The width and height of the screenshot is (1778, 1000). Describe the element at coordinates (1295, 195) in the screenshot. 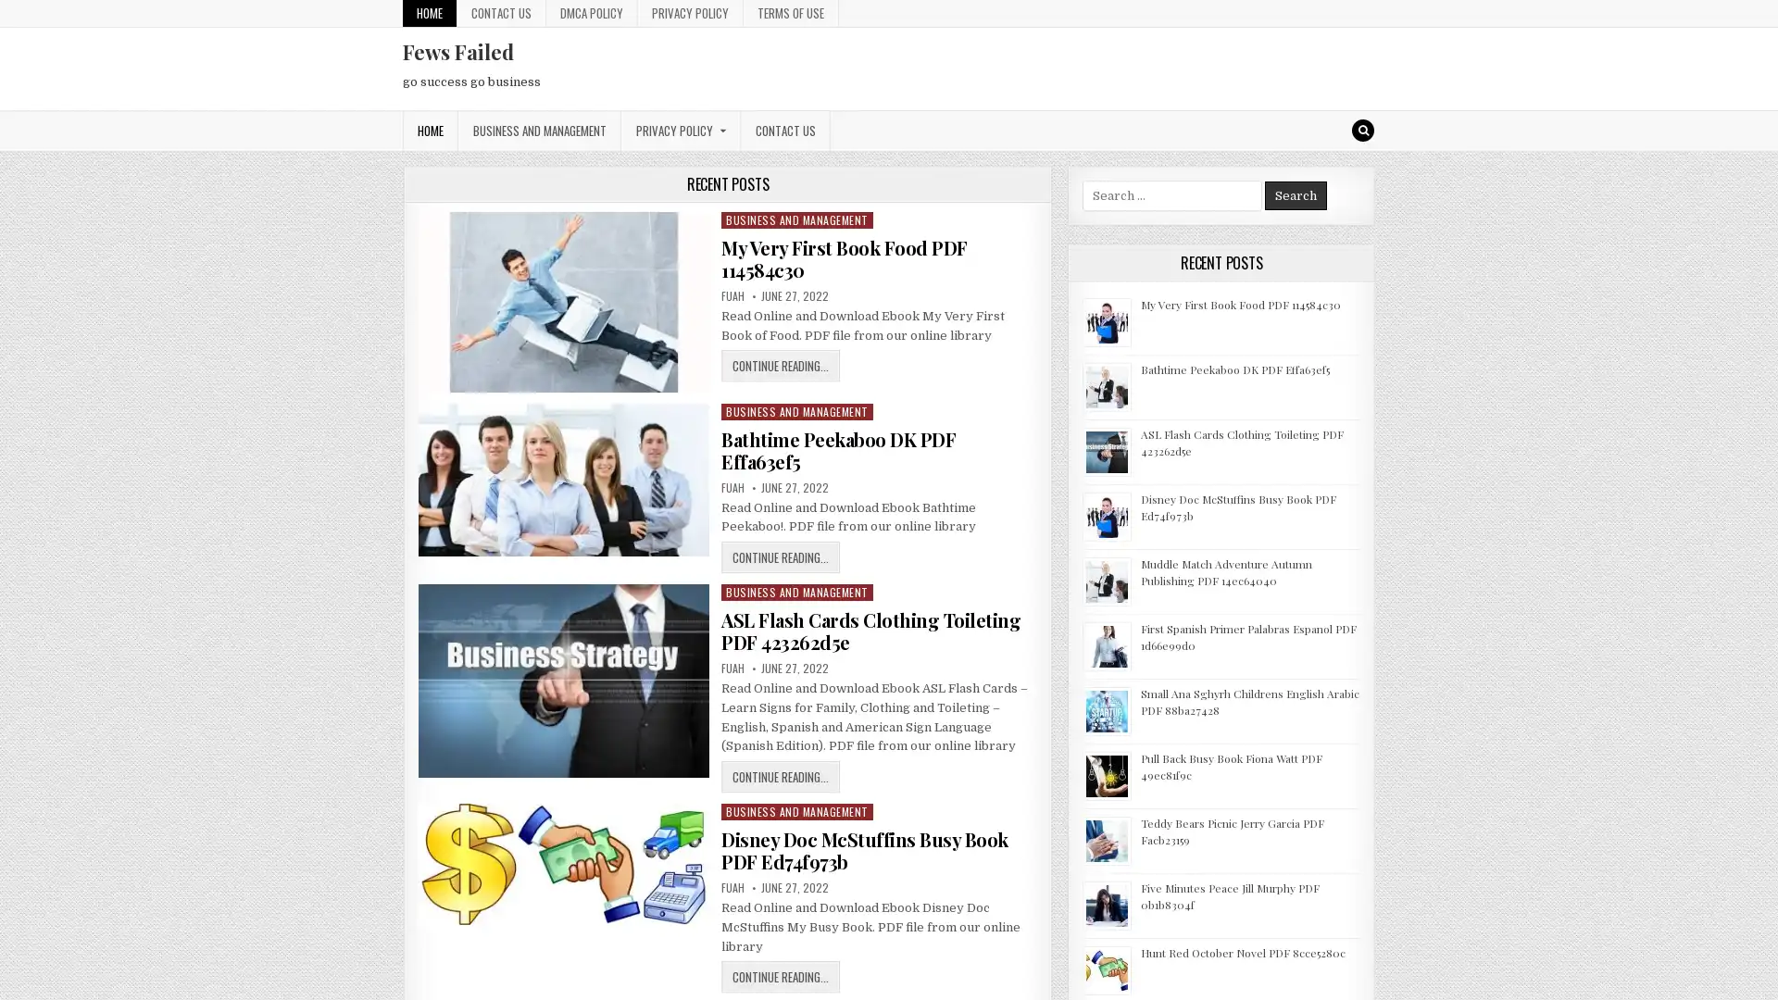

I see `Search` at that location.